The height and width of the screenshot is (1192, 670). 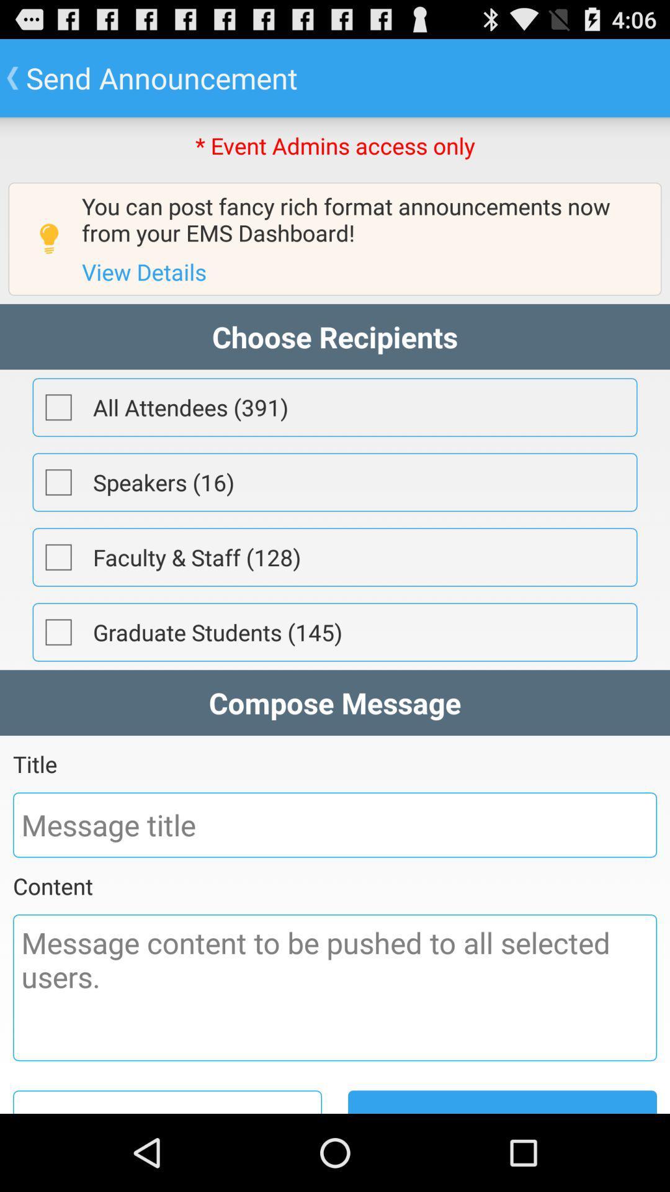 I want to click on save, so click(x=167, y=1102).